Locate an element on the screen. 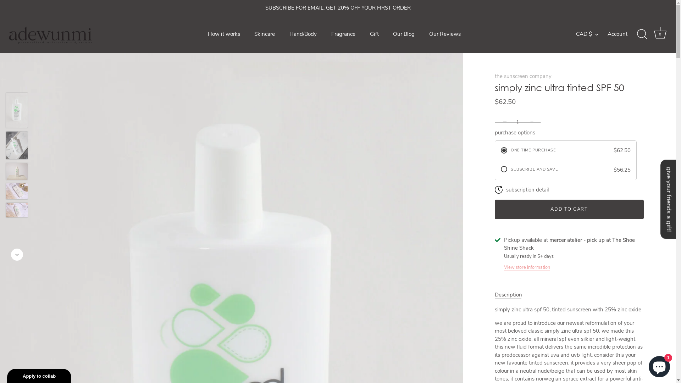 The height and width of the screenshot is (383, 681). '+' is located at coordinates (533, 121).